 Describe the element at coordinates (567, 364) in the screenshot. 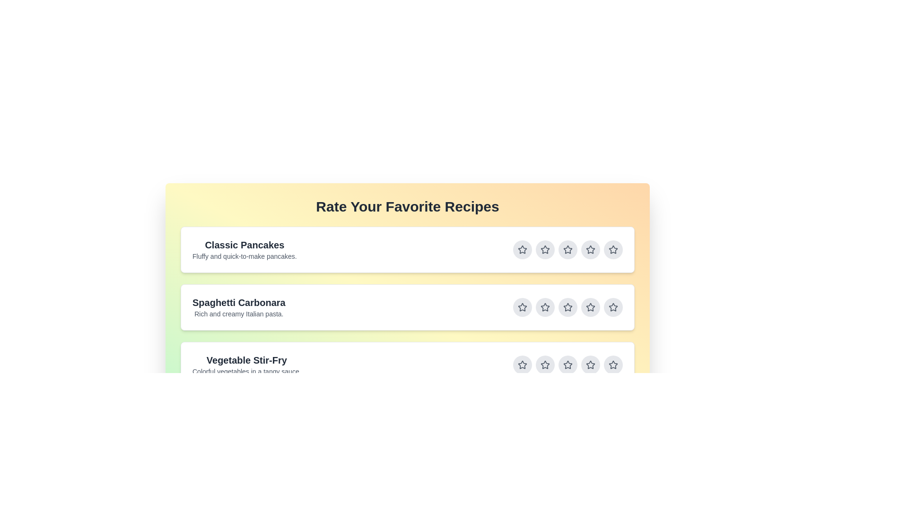

I see `the star button for rating 3 of the recipe Vegetable Stir-Fry` at that location.